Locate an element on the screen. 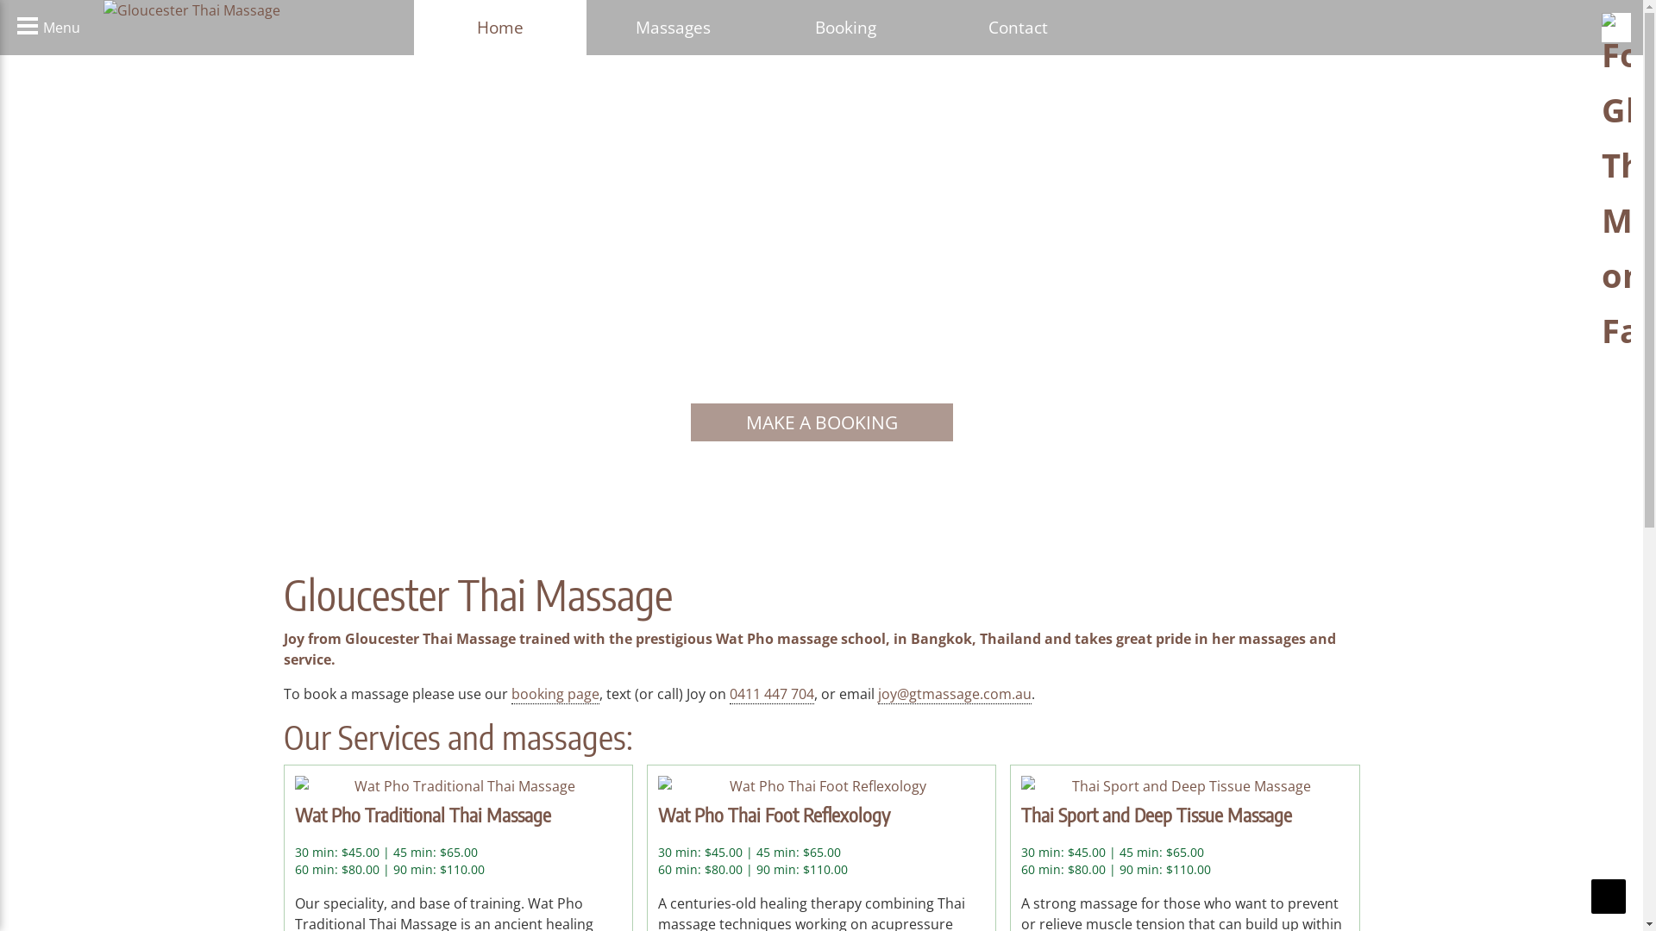 This screenshot has height=931, width=1656. 'Home' is located at coordinates (499, 27).